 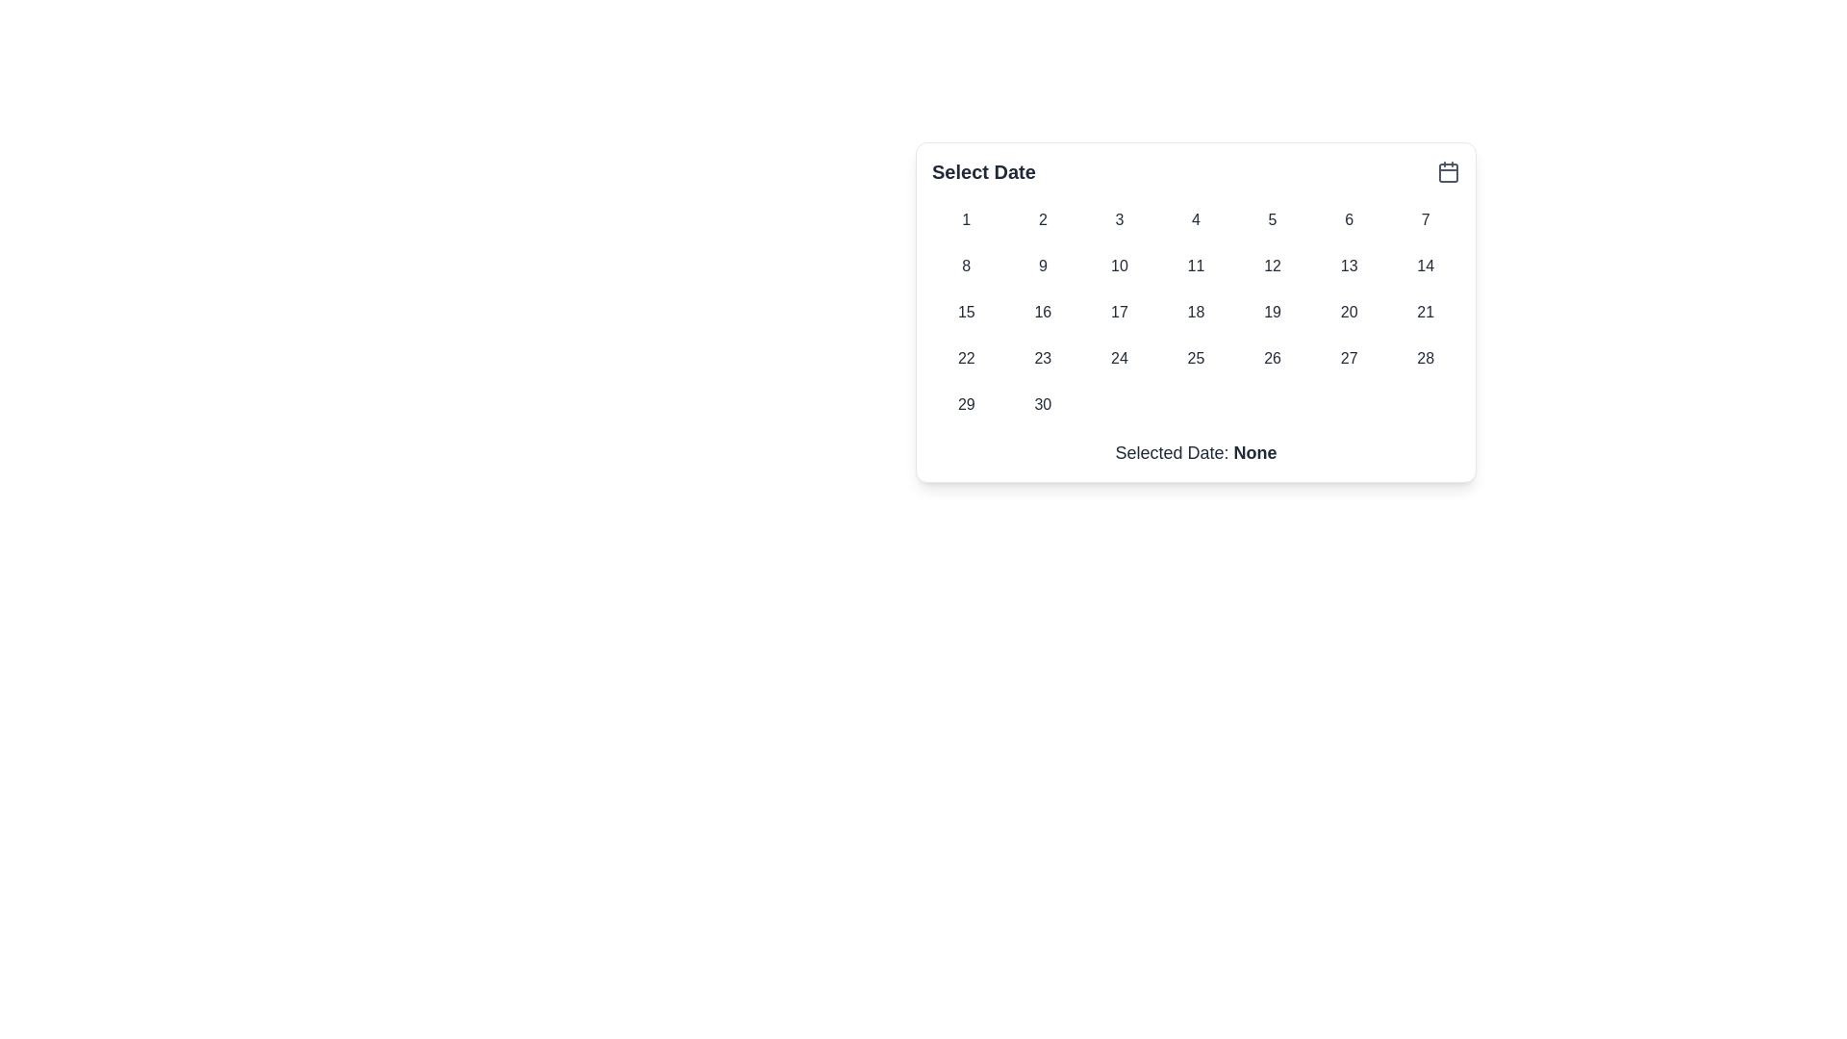 What do you see at coordinates (1195, 359) in the screenshot?
I see `the selectable date button representing the 25th of the month in the calendar UI` at bounding box center [1195, 359].